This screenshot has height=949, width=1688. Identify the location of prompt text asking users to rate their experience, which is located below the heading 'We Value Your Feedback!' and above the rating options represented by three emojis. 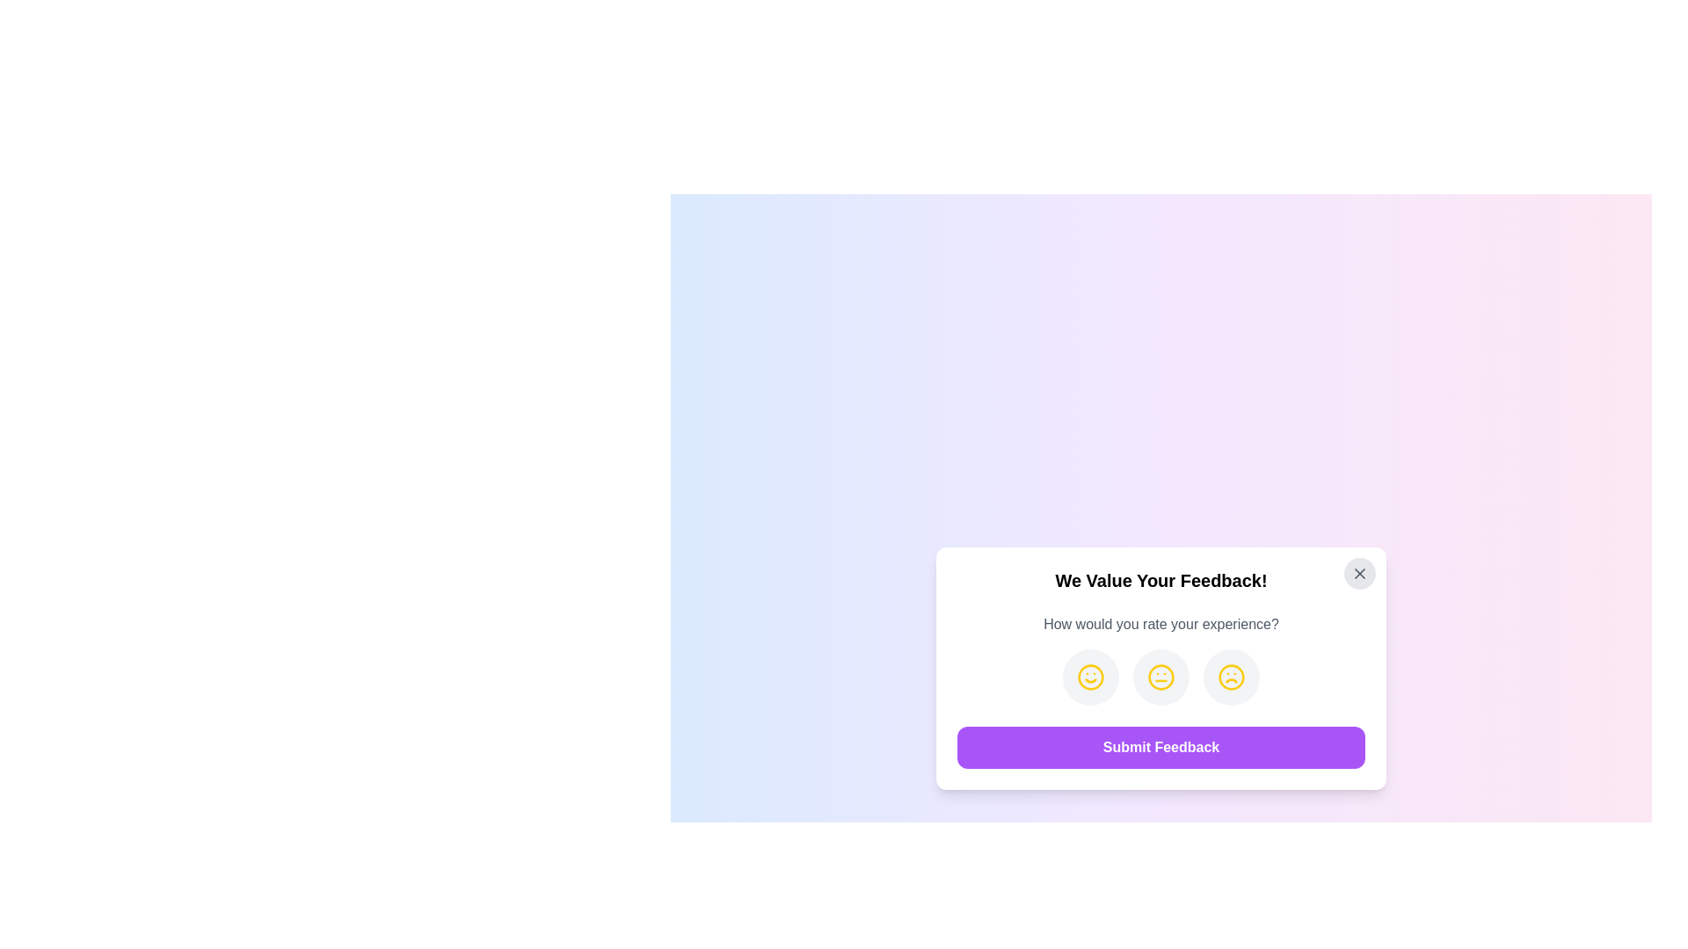
(1160, 623).